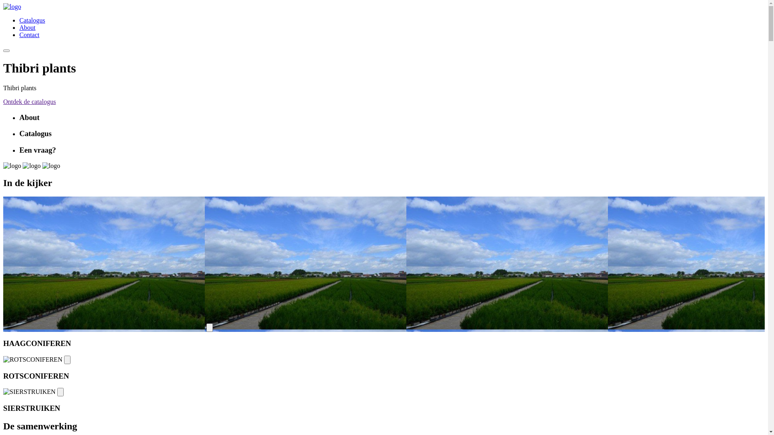 The image size is (774, 435). Describe the element at coordinates (60, 391) in the screenshot. I see `'arrow-right'` at that location.